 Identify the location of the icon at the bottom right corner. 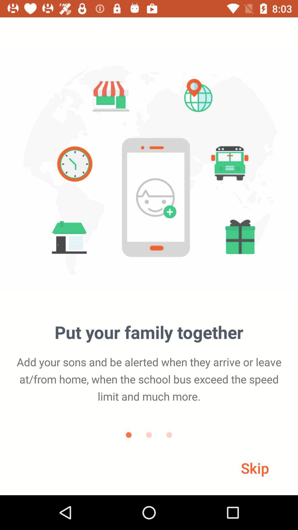
(255, 468).